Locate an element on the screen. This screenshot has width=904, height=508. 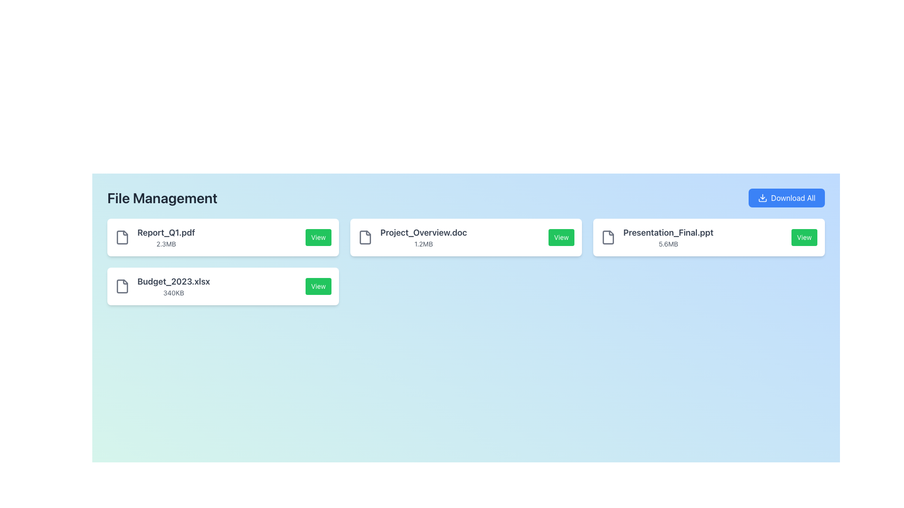
text for file identification from the labeled display component that shows the file name 'Budget_2023.xlsx' and size '340KB' in the second card of the 'File Management' interface is located at coordinates (162, 286).